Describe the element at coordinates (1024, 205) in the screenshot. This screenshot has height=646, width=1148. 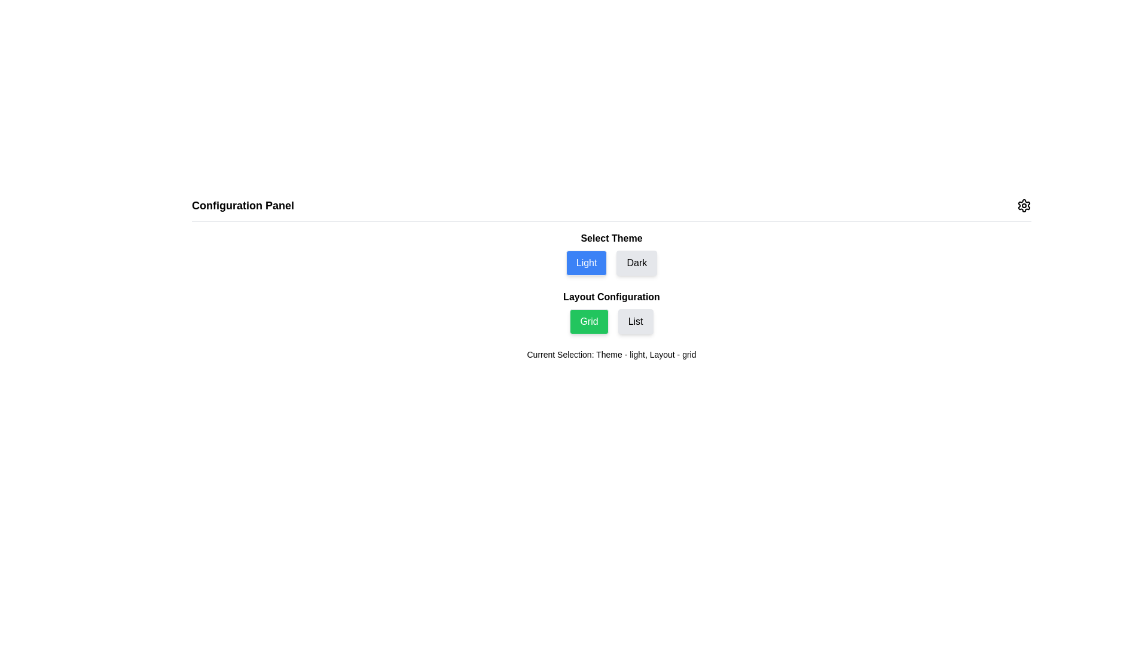
I see `the gear-shaped icon in the top-right corner of the 'Configuration Panel'` at that location.